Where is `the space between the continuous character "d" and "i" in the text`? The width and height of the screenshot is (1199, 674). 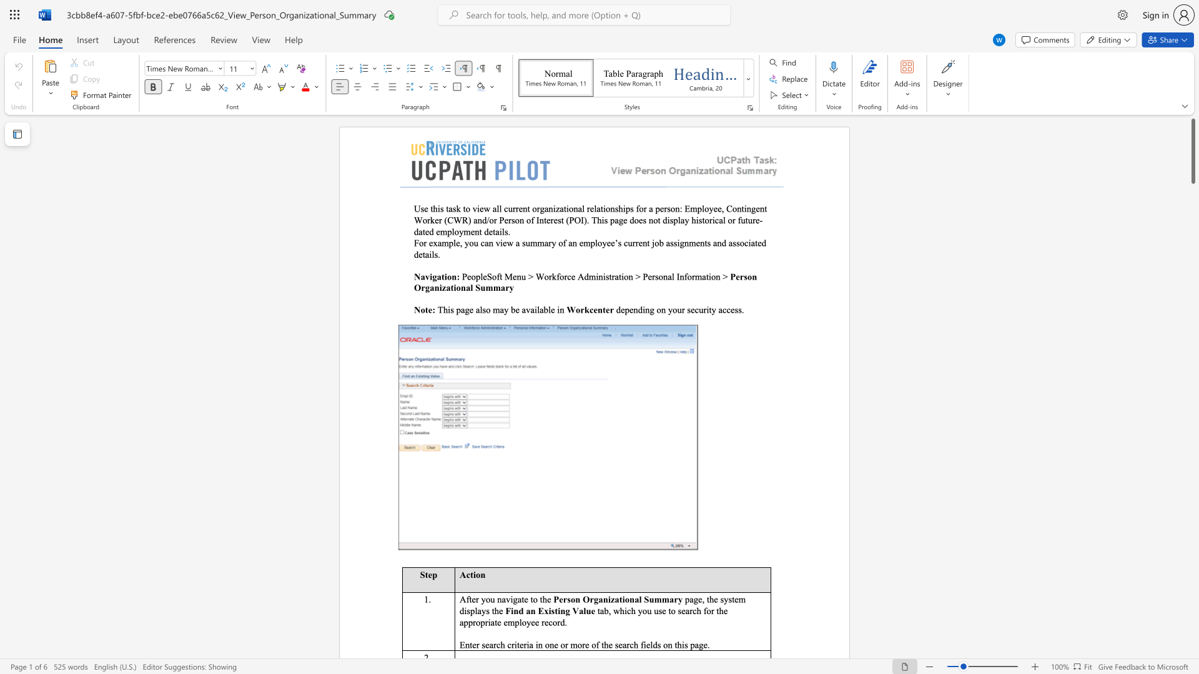
the space between the continuous character "d" and "i" in the text is located at coordinates (642, 309).